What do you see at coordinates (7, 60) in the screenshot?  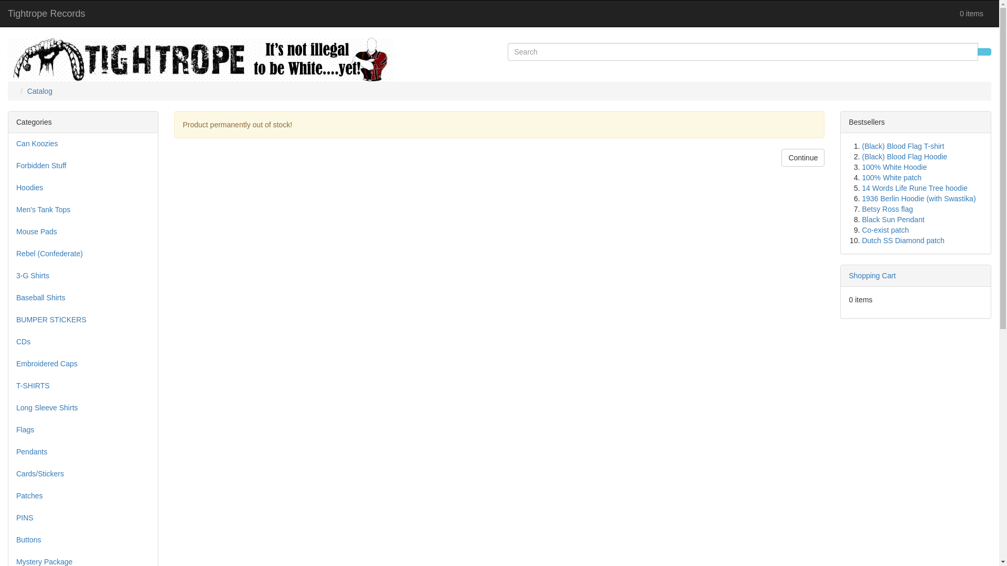 I see `'Tightrope Records'` at bounding box center [7, 60].